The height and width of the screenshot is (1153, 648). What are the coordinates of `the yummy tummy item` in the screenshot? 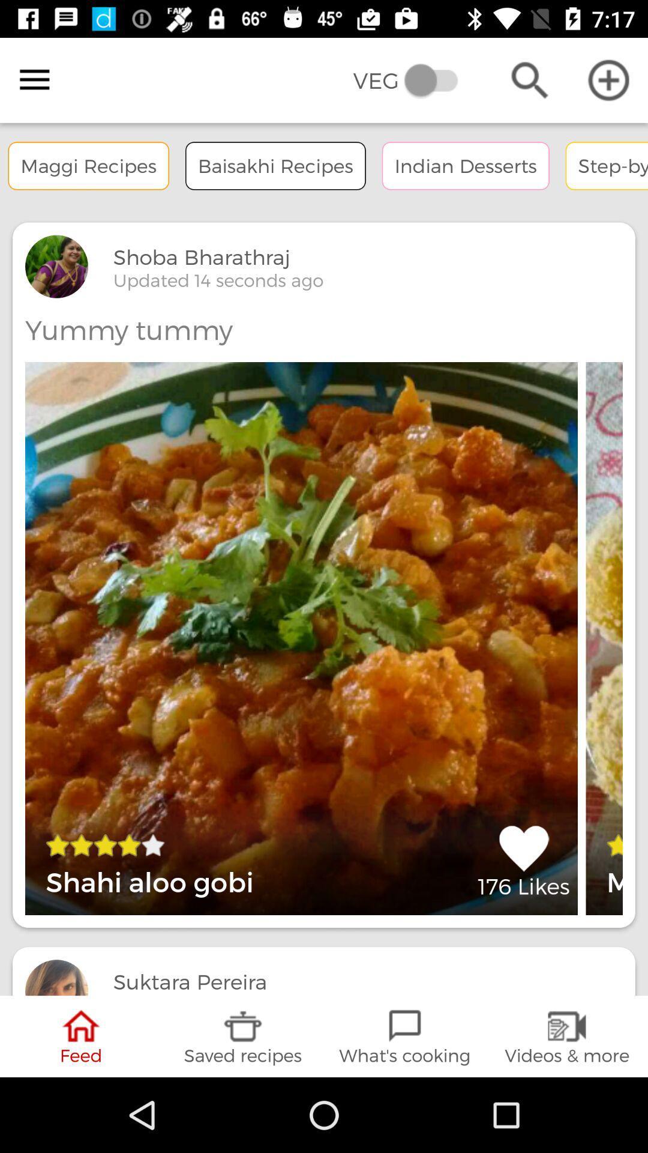 It's located at (128, 330).